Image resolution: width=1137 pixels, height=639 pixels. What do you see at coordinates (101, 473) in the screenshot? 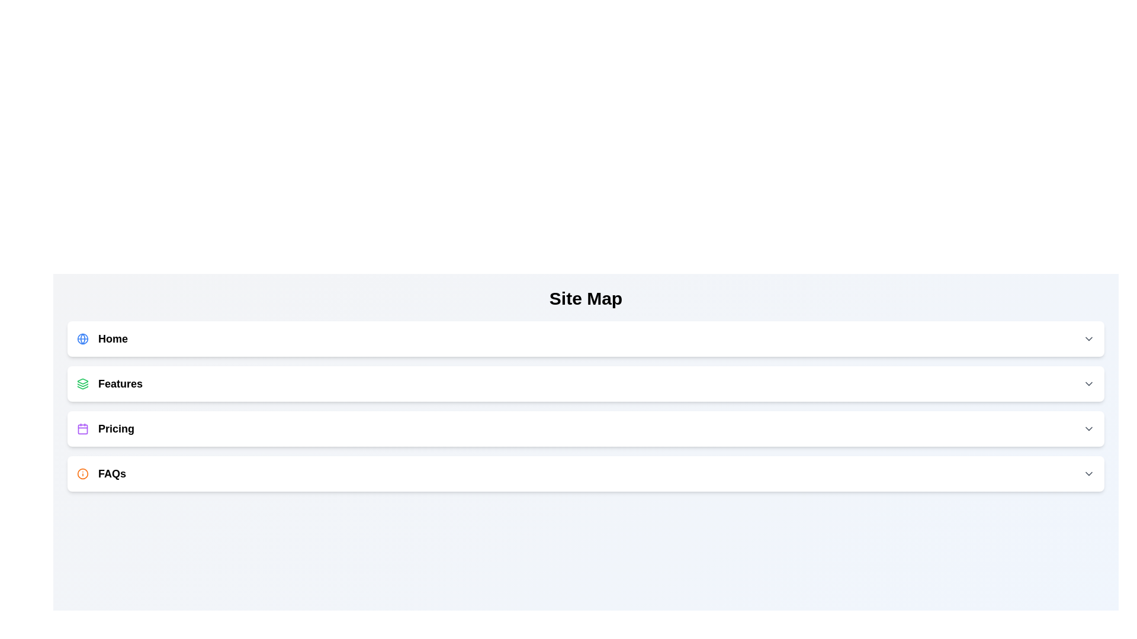
I see `the fourth label in the vertical list that provides access to Frequently Asked Questions` at bounding box center [101, 473].